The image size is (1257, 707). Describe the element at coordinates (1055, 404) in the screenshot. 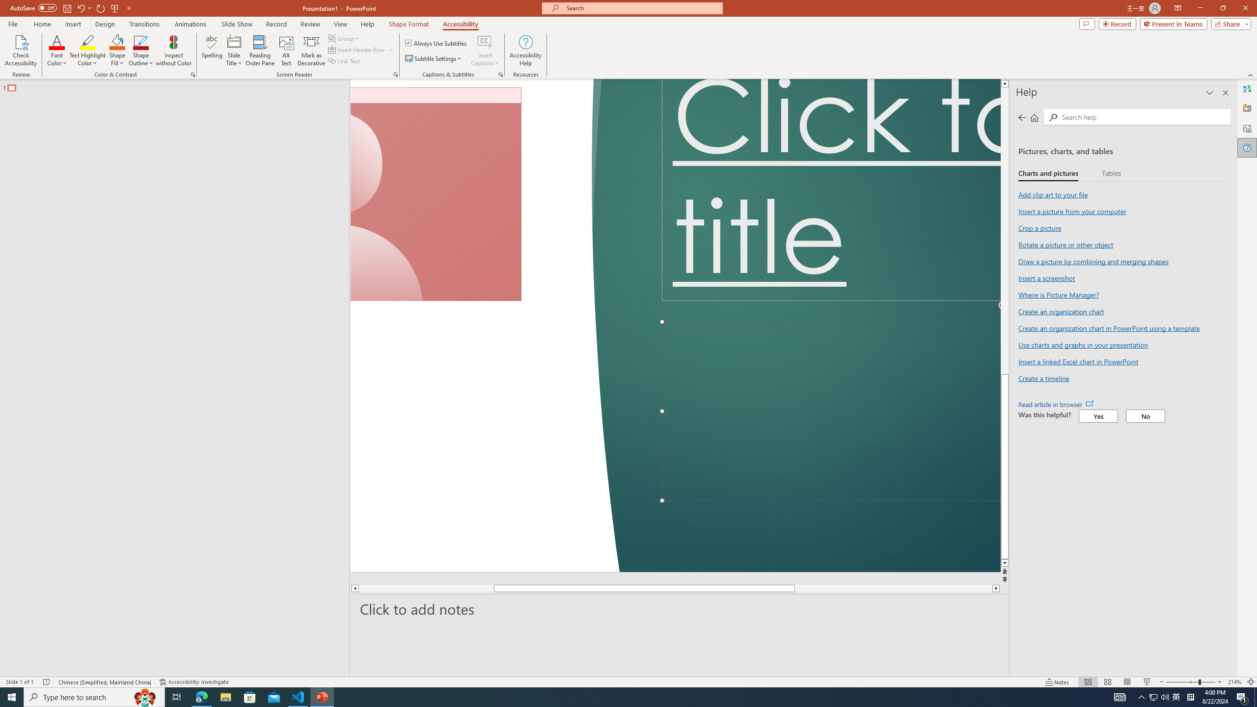

I see `'Read article in browser'` at that location.